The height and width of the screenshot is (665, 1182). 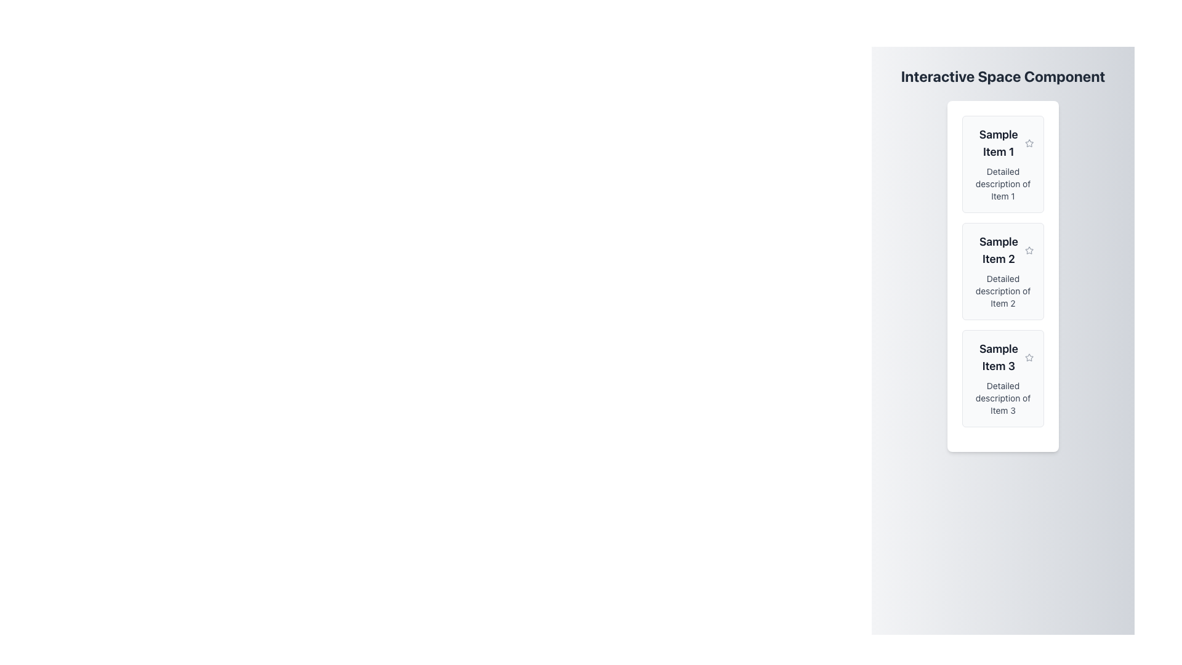 I want to click on the text label providing additional descriptive information about 'Sample Item 3', located in the third card of the vertical stack, so click(x=1003, y=398).